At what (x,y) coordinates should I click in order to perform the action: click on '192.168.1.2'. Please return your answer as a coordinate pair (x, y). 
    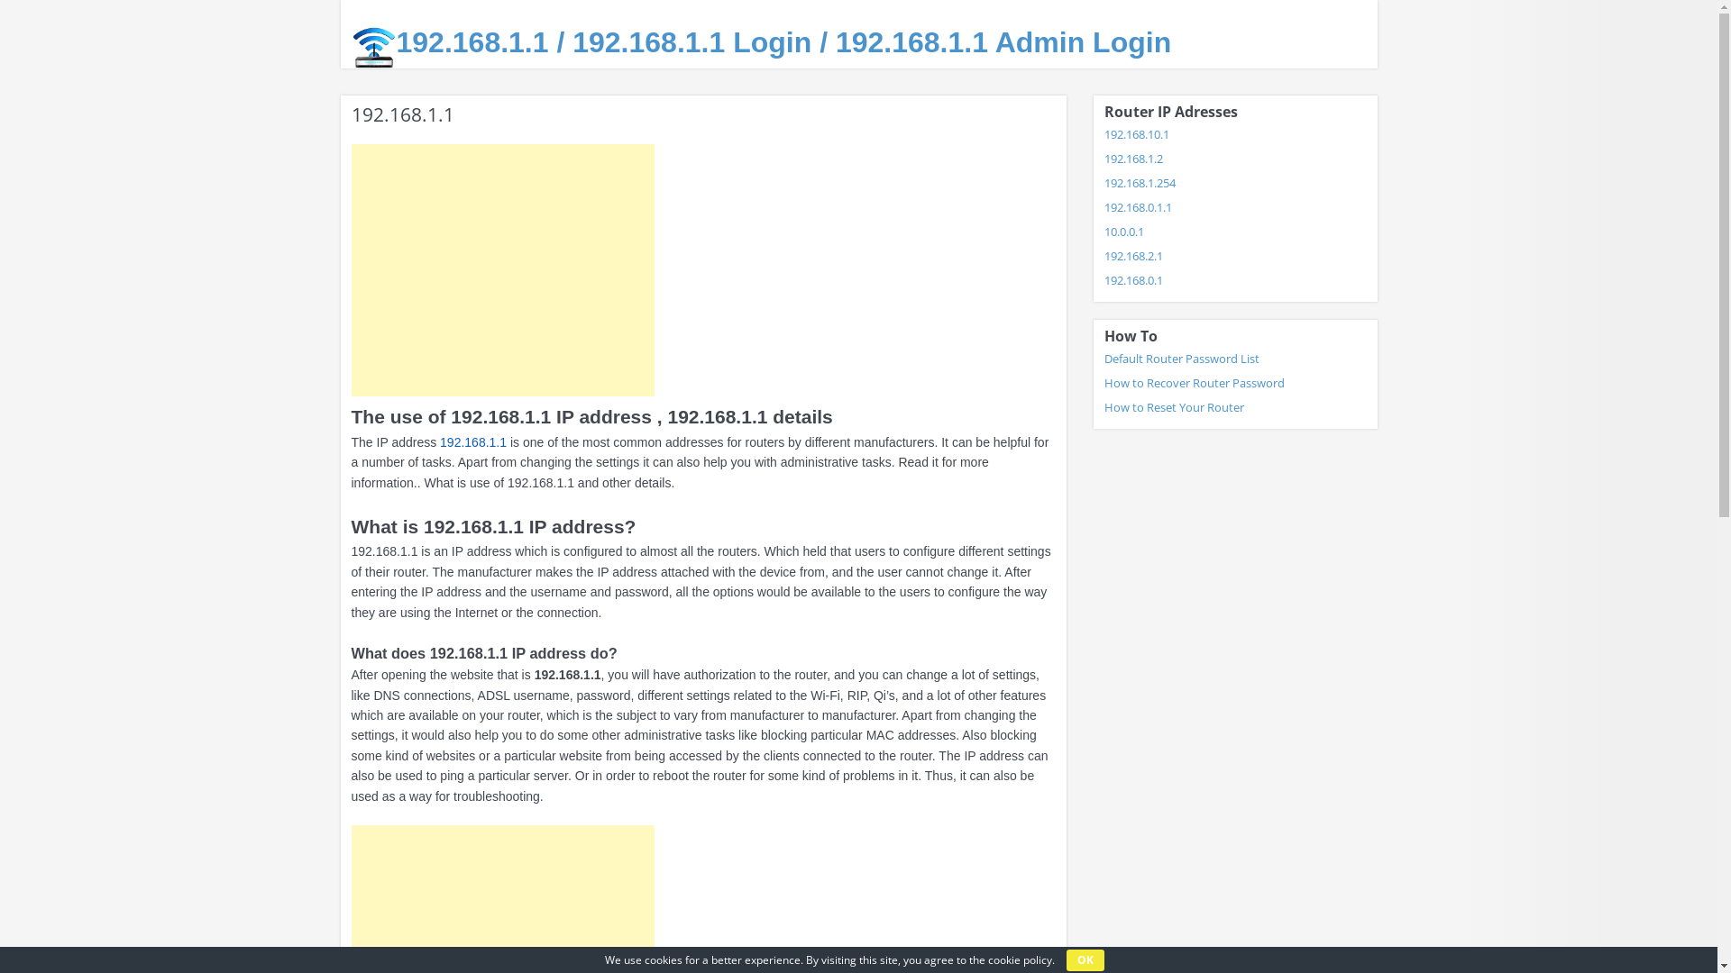
    Looking at the image, I should click on (1131, 158).